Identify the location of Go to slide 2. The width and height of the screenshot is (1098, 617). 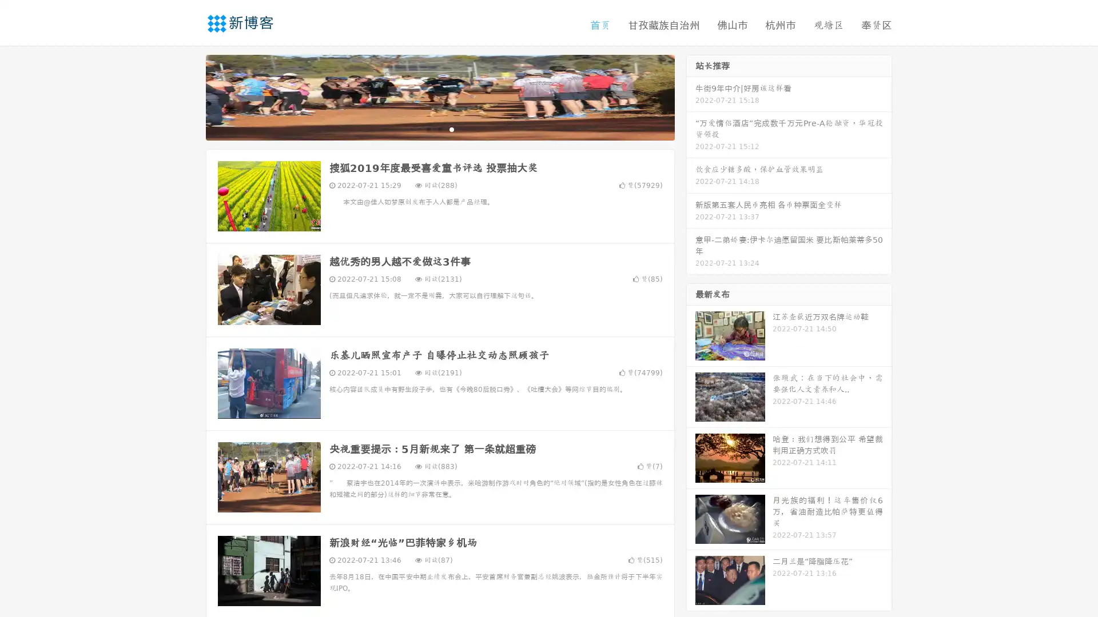
(439, 129).